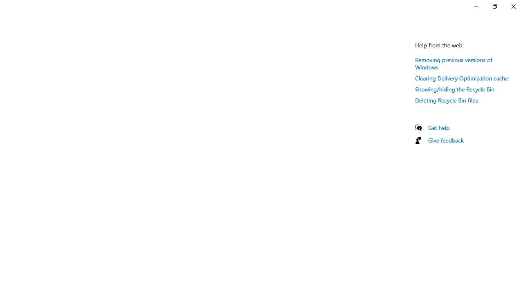 This screenshot has height=294, width=523. Describe the element at coordinates (494, 6) in the screenshot. I see `'Restore Settings'` at that location.